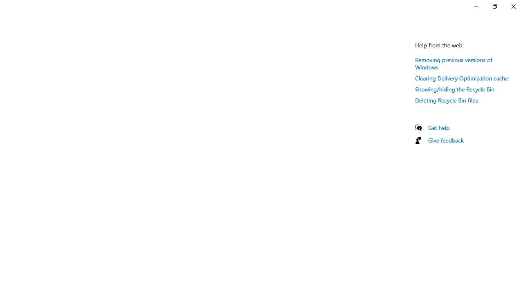 This screenshot has height=294, width=523. Describe the element at coordinates (494, 6) in the screenshot. I see `'Restore Settings'` at that location.